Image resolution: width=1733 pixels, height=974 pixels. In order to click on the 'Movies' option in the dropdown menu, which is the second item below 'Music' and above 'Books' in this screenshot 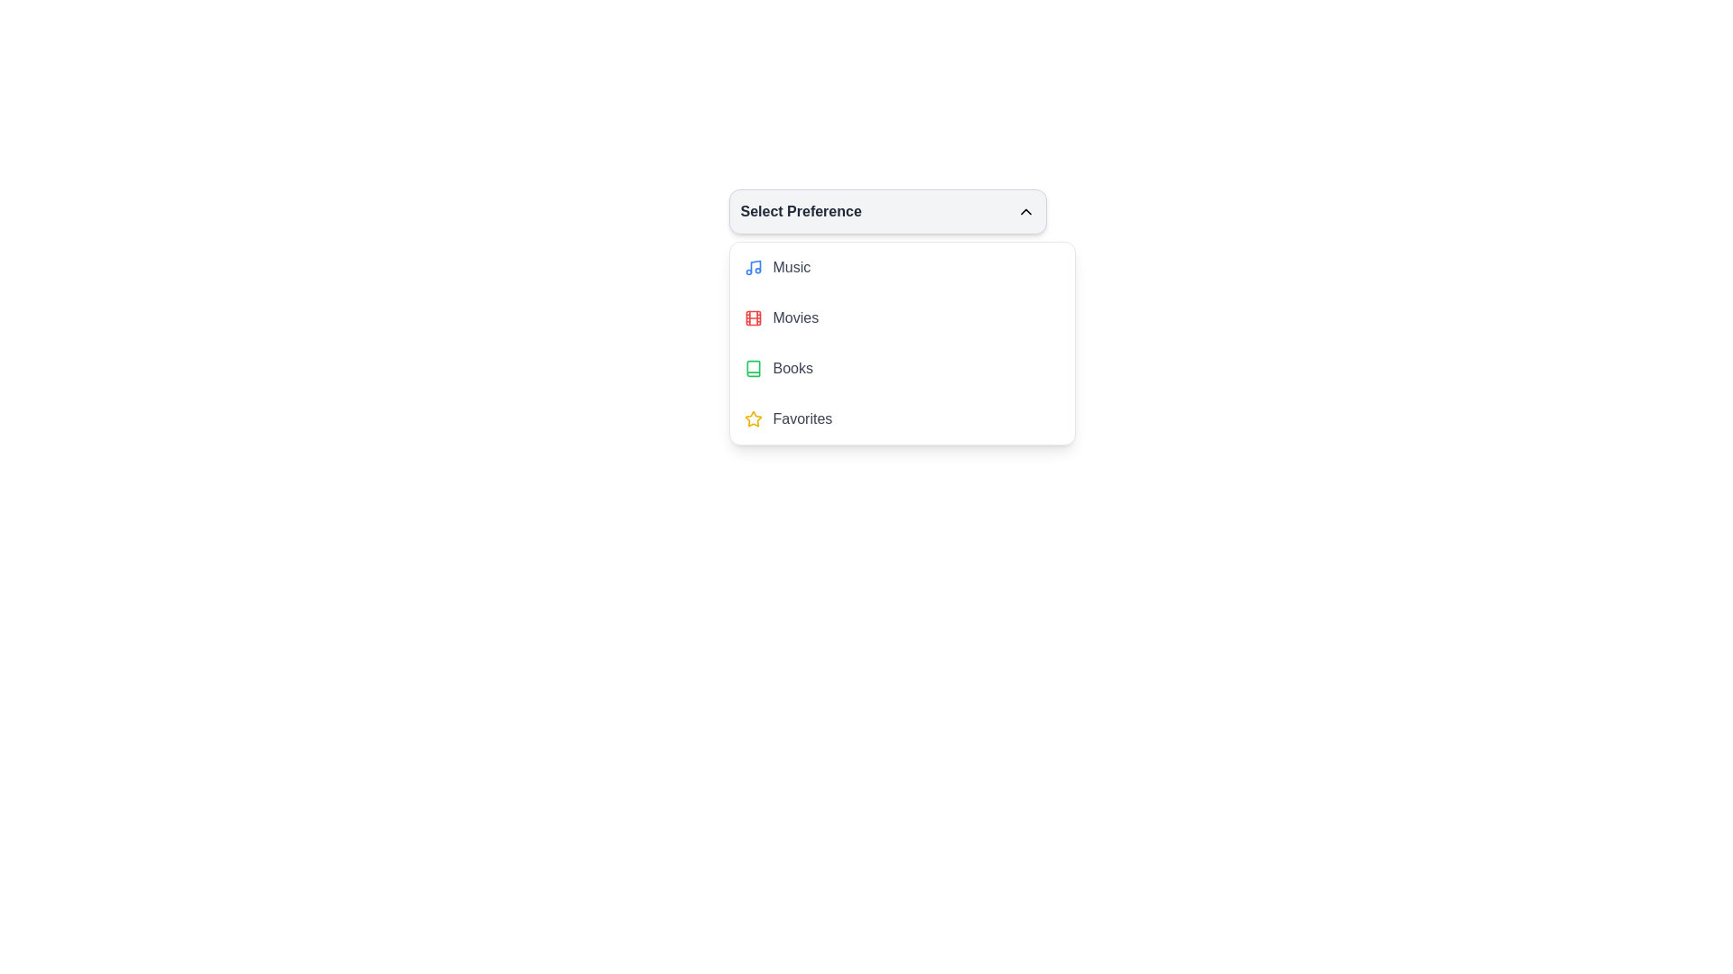, I will do `click(902, 317)`.